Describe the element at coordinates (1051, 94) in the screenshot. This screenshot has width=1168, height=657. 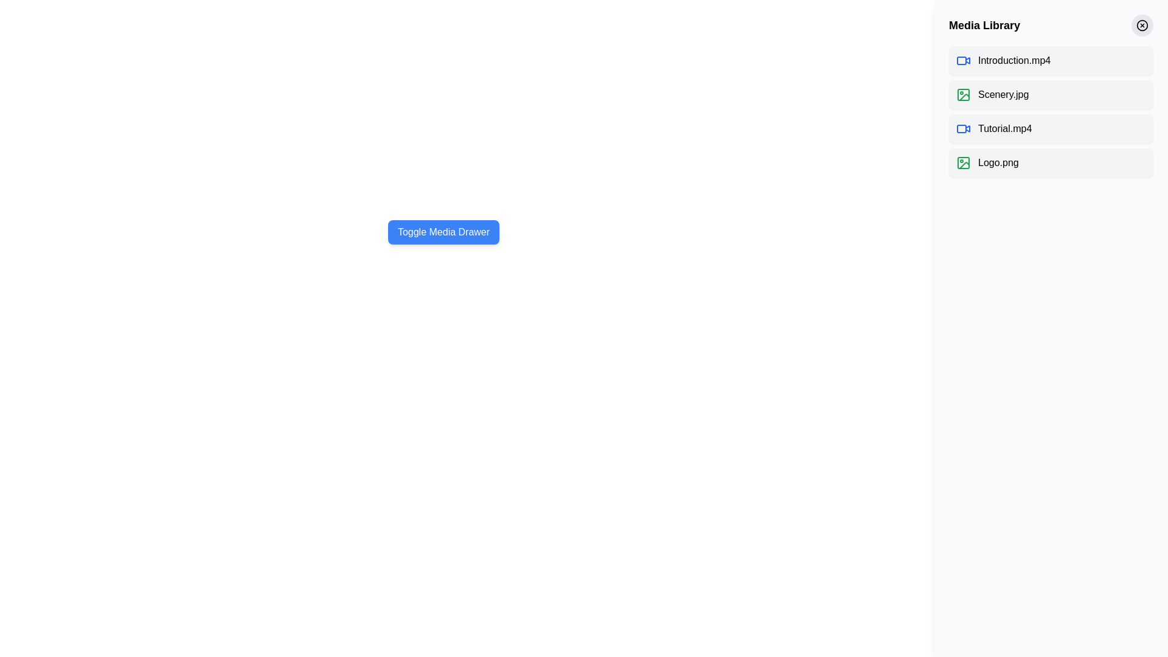
I see `the second list item` at that location.